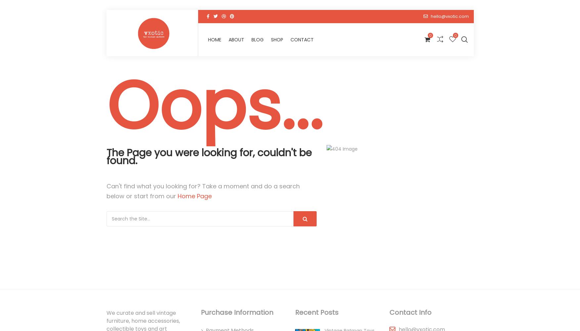 The height and width of the screenshot is (331, 580). I want to click on 'Oops...', so click(214, 106).